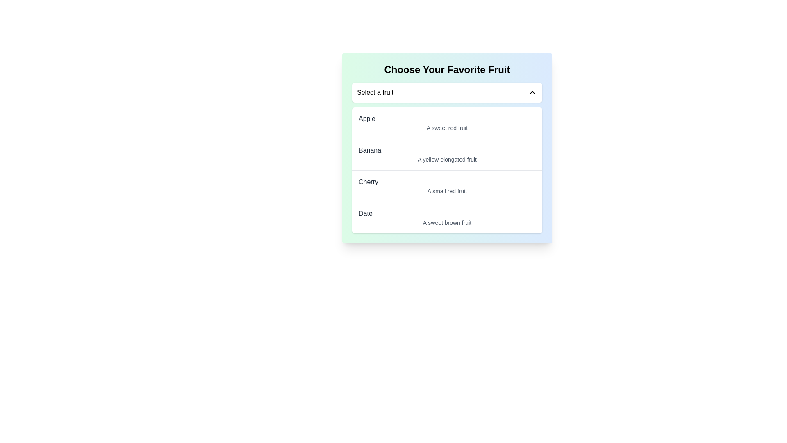 The image size is (787, 443). Describe the element at coordinates (446, 148) in the screenshot. I see `the 'Banana' option in the selection list` at that location.